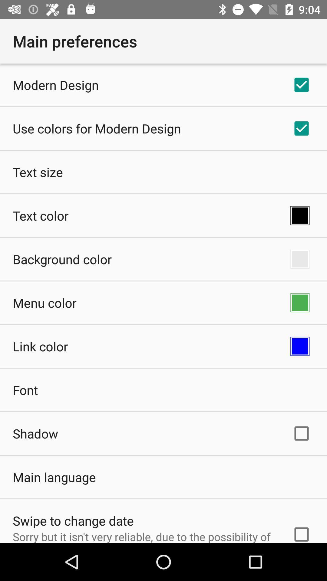  I want to click on the app above the shadow, so click(25, 390).